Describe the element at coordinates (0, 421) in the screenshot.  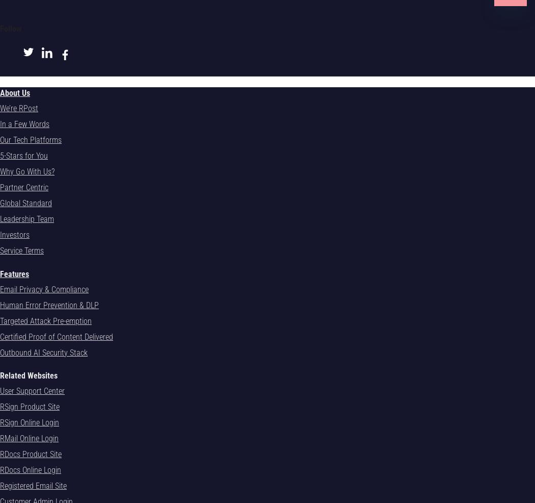
I see `'RSign Online Login'` at that location.